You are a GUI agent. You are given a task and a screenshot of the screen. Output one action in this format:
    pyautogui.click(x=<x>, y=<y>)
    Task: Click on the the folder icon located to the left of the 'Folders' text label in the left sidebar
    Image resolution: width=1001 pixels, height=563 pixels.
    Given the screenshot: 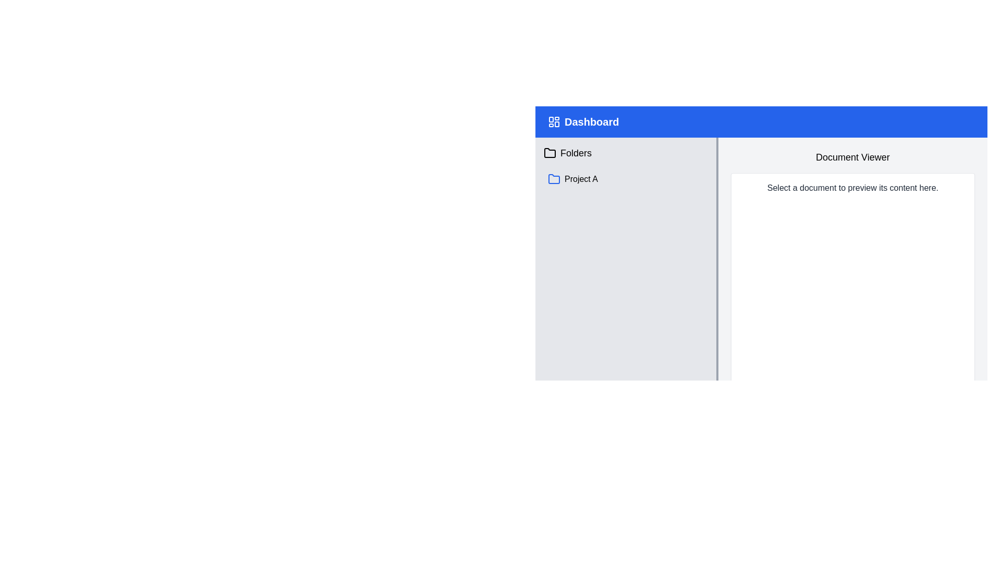 What is the action you would take?
    pyautogui.click(x=550, y=153)
    